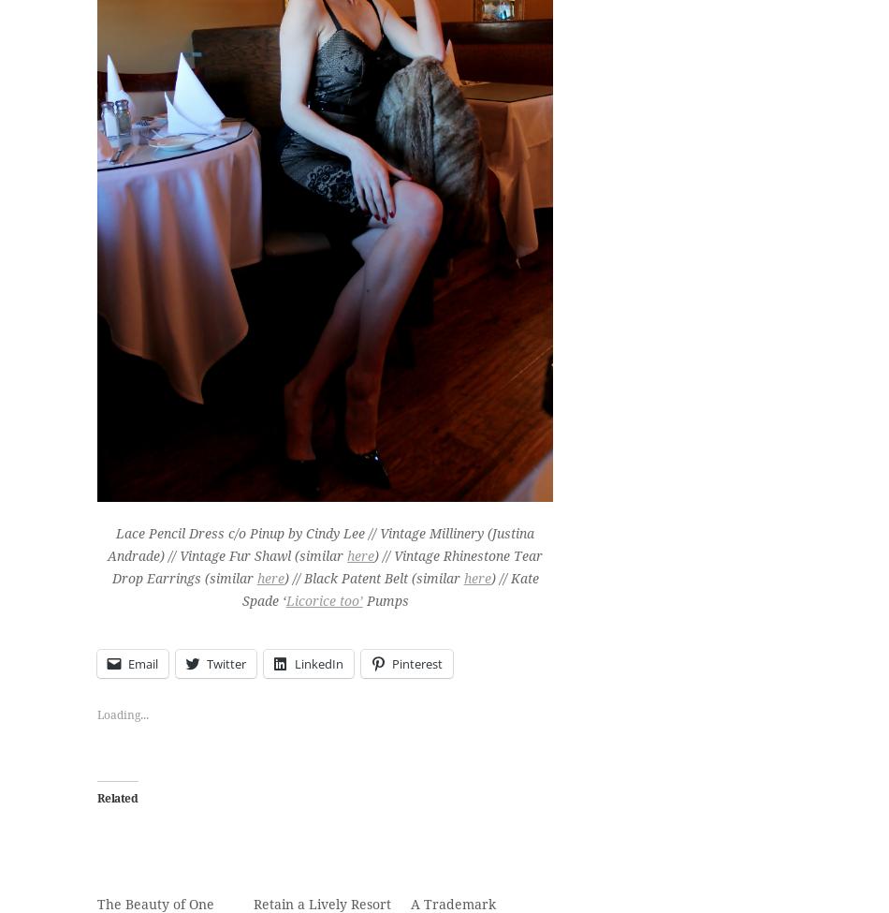 This screenshot has width=889, height=913. What do you see at coordinates (143, 662) in the screenshot?
I see `'Email'` at bounding box center [143, 662].